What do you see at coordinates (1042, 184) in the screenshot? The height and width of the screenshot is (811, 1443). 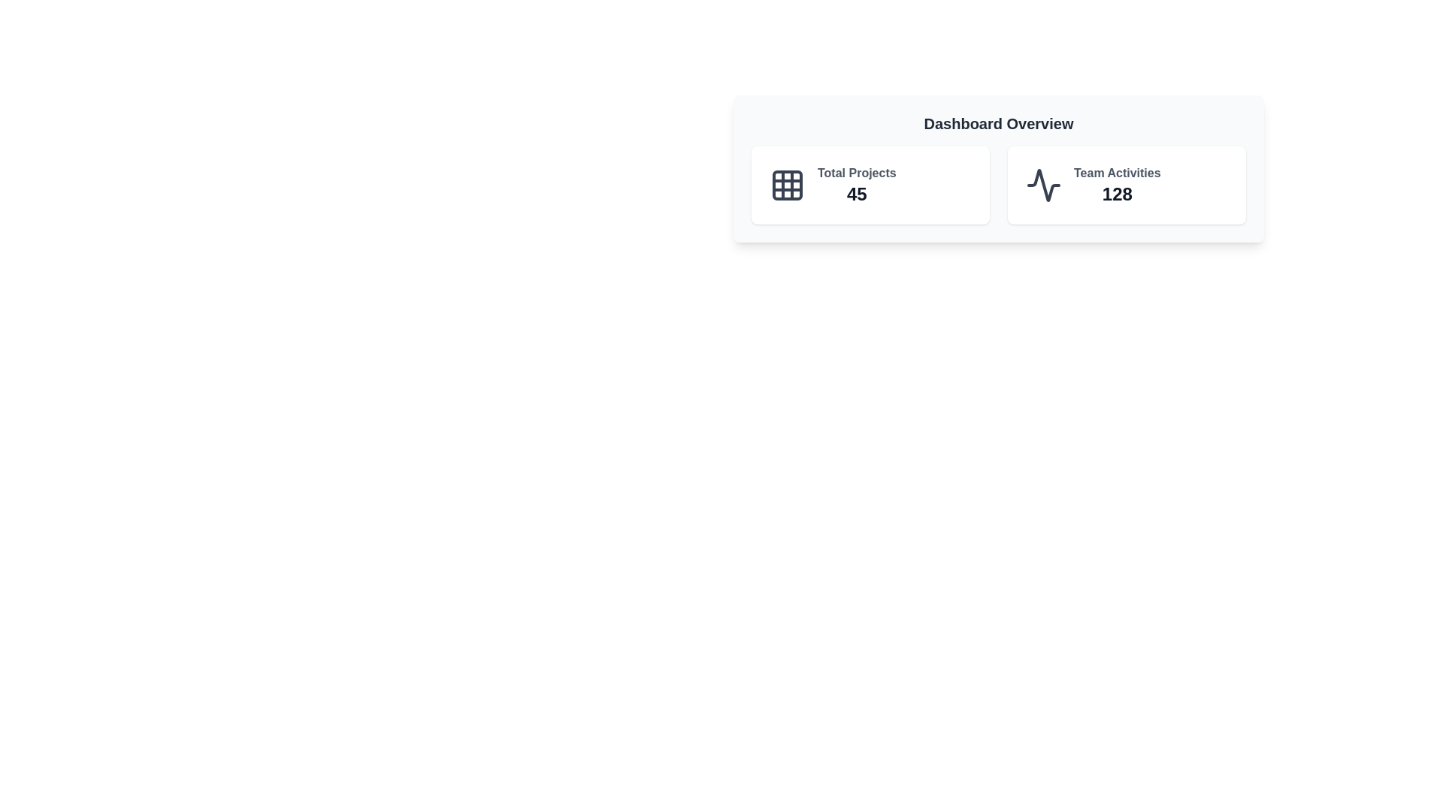 I see `the line graph-like icon representing an activity waveform located at the top-left area of the 'Team Activities' card within the 'Dashboard Overview' section` at bounding box center [1042, 184].